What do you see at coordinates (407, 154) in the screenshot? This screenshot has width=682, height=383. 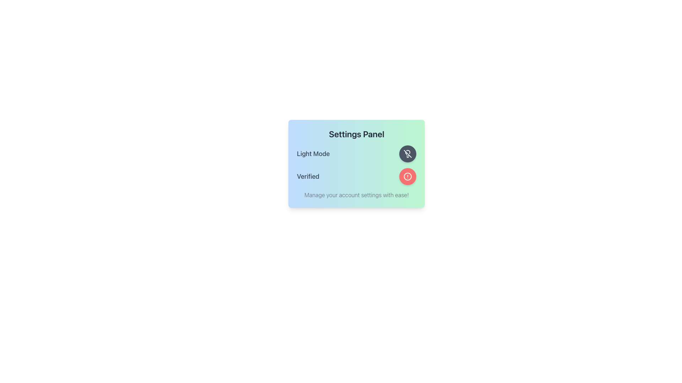 I see `the 'lightbulb off' icon, which is a minimalistic design with a white stroke on a dark background, located in the top-right corner of the 'Settings Panel'` at bounding box center [407, 154].